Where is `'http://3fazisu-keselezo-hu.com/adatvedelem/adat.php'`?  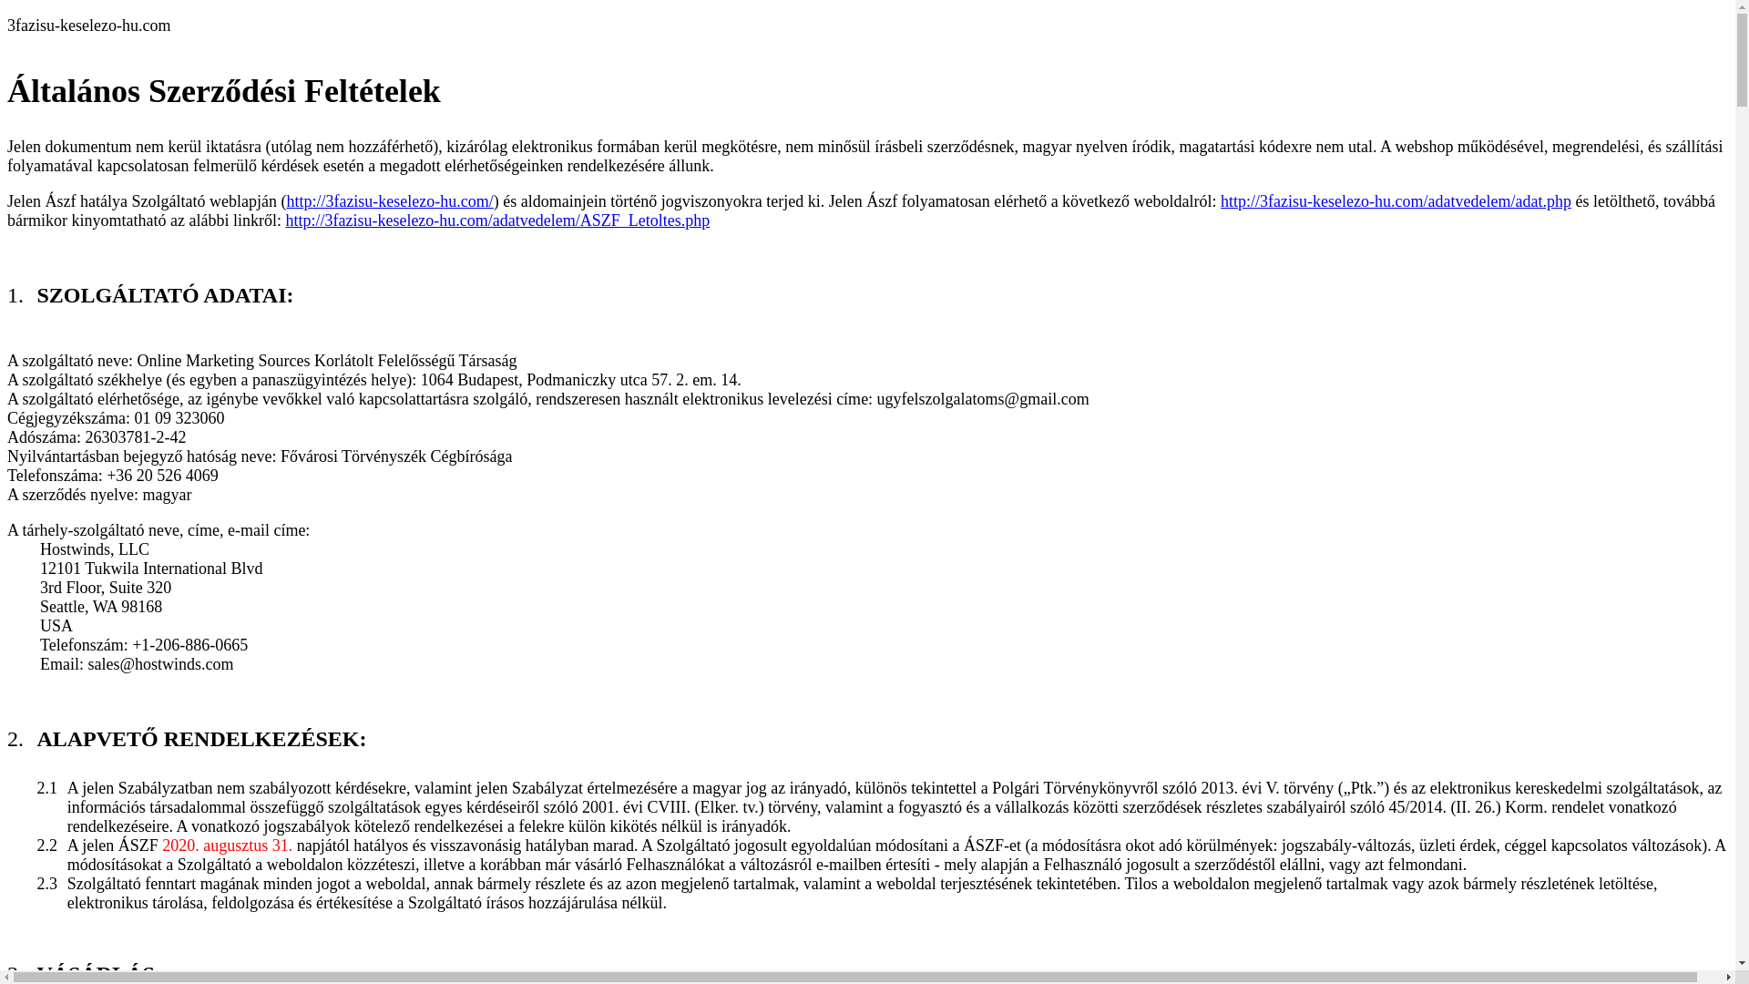 'http://3fazisu-keselezo-hu.com/adatvedelem/adat.php' is located at coordinates (1220, 200).